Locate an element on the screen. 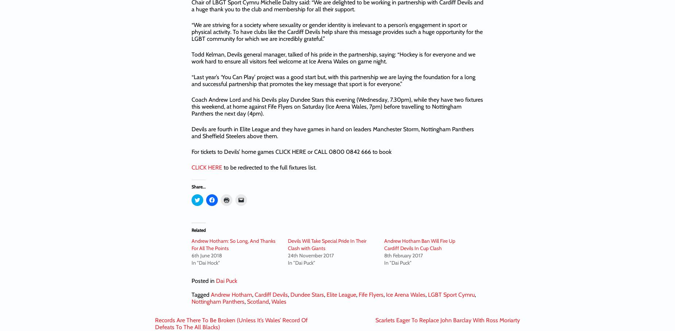 Image resolution: width=675 pixels, height=331 pixels. 'Nottingham Panthers' is located at coordinates (218, 301).